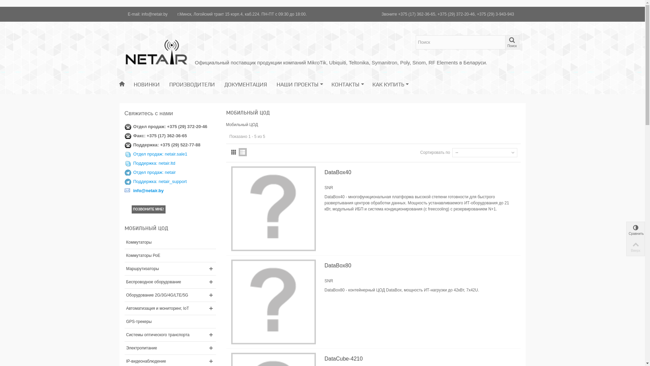 The width and height of the screenshot is (650, 366). Describe the element at coordinates (242, 151) in the screenshot. I see `'List'` at that location.